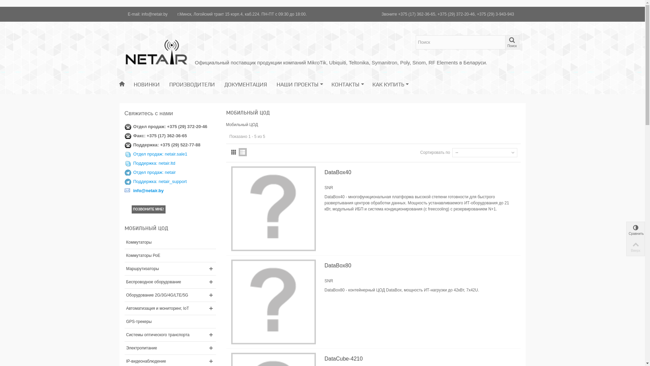 The width and height of the screenshot is (650, 366). Describe the element at coordinates (242, 151) in the screenshot. I see `'List'` at that location.